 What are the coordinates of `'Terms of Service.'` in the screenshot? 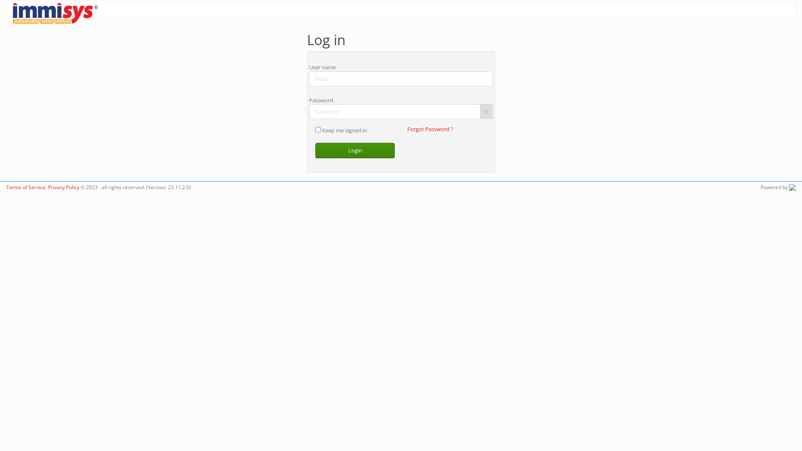 It's located at (6, 186).